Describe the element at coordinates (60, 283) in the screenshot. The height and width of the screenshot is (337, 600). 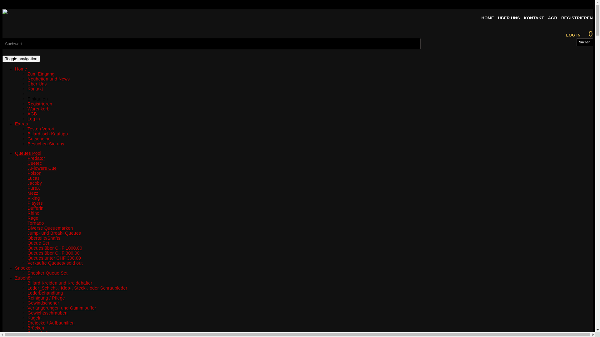
I see `'Billard Kreiden und Kreidehalter'` at that location.